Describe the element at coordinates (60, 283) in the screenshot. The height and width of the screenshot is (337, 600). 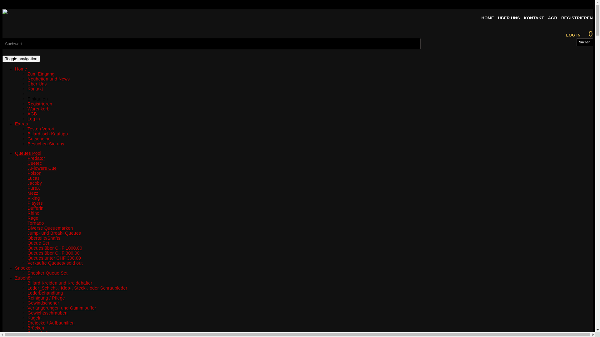
I see `'Billard Kreiden und Kreidehalter'` at that location.